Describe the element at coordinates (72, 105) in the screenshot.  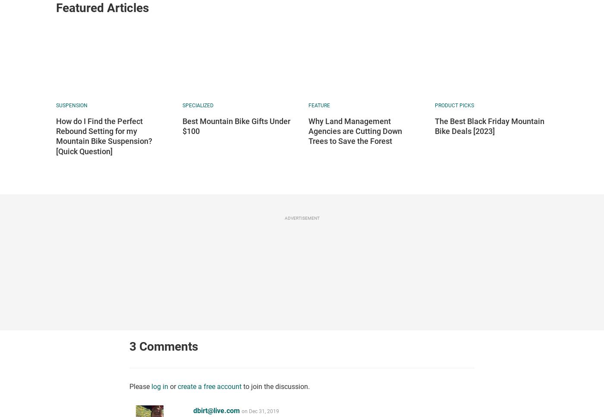
I see `'Suspension'` at that location.